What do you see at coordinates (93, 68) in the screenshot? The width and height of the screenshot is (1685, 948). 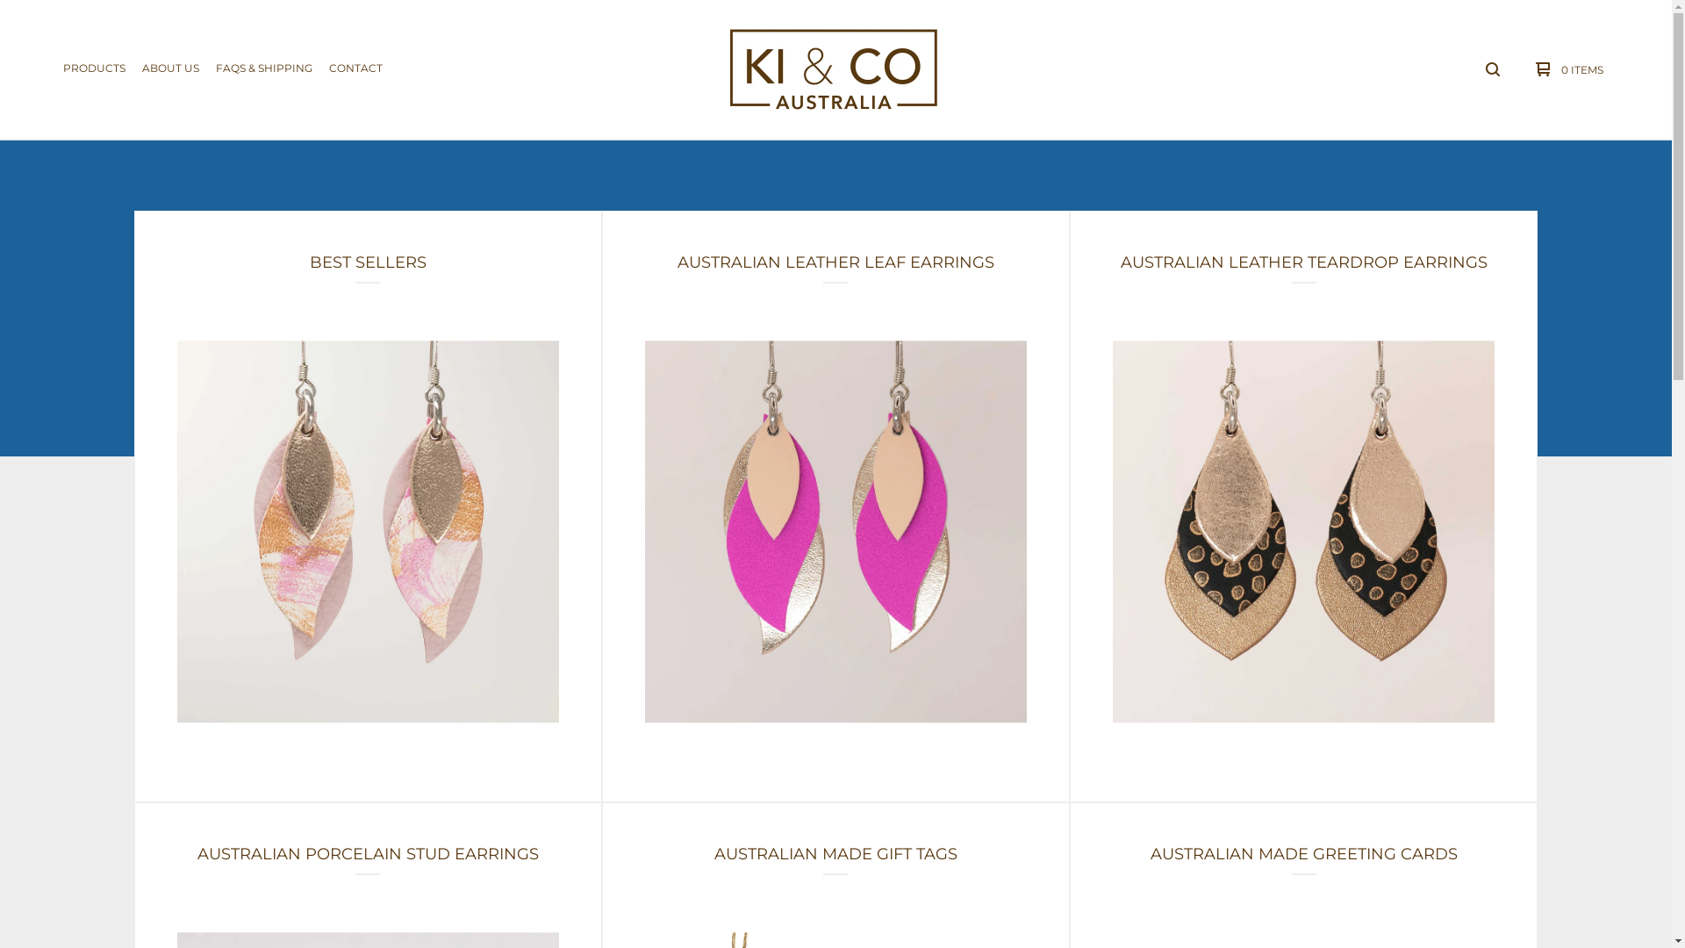 I see `'PRODUCTS'` at bounding box center [93, 68].